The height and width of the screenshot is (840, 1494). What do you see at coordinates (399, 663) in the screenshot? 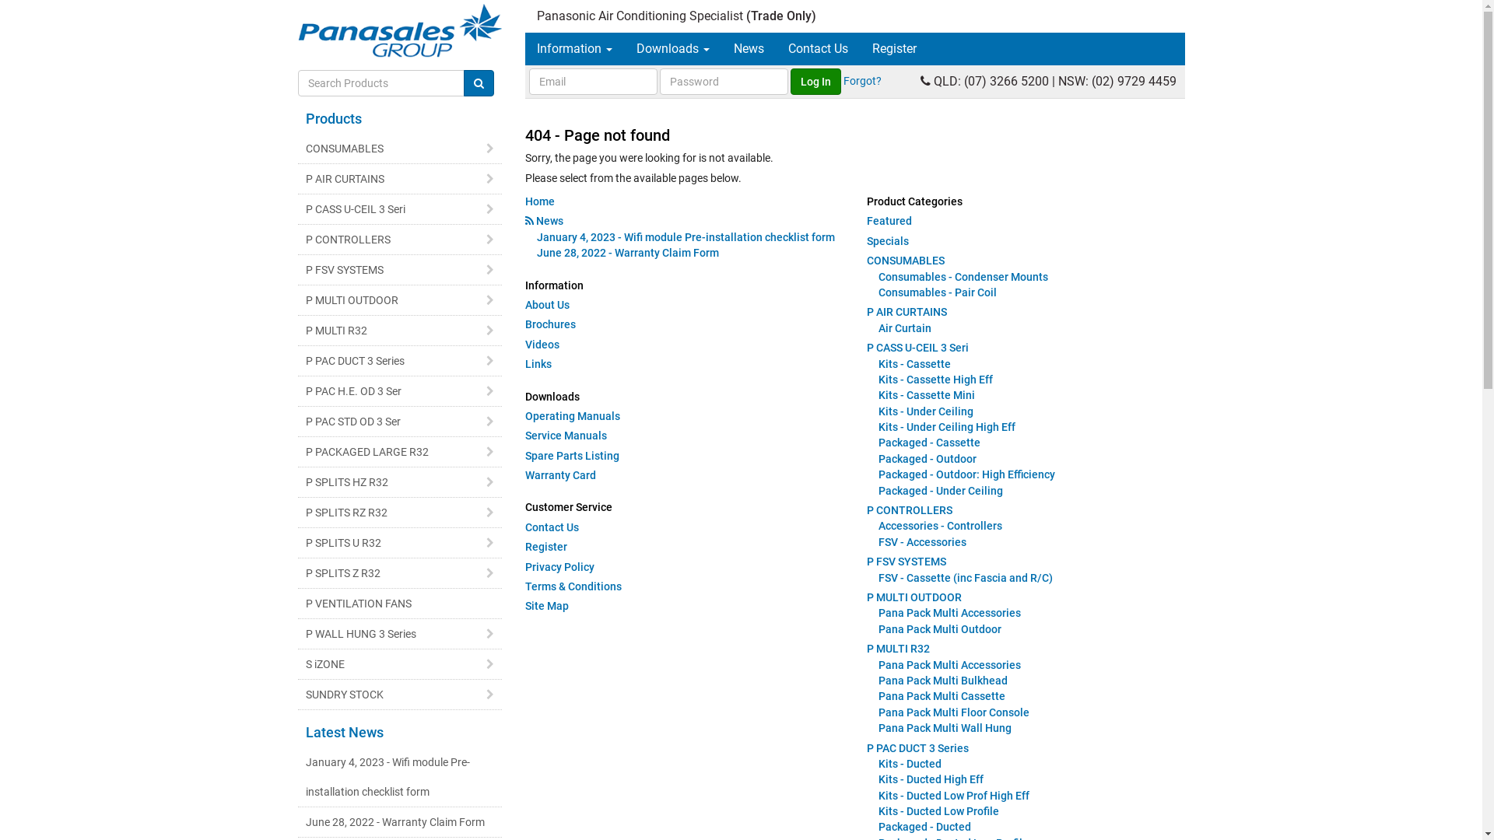
I see `'S iZONE'` at bounding box center [399, 663].